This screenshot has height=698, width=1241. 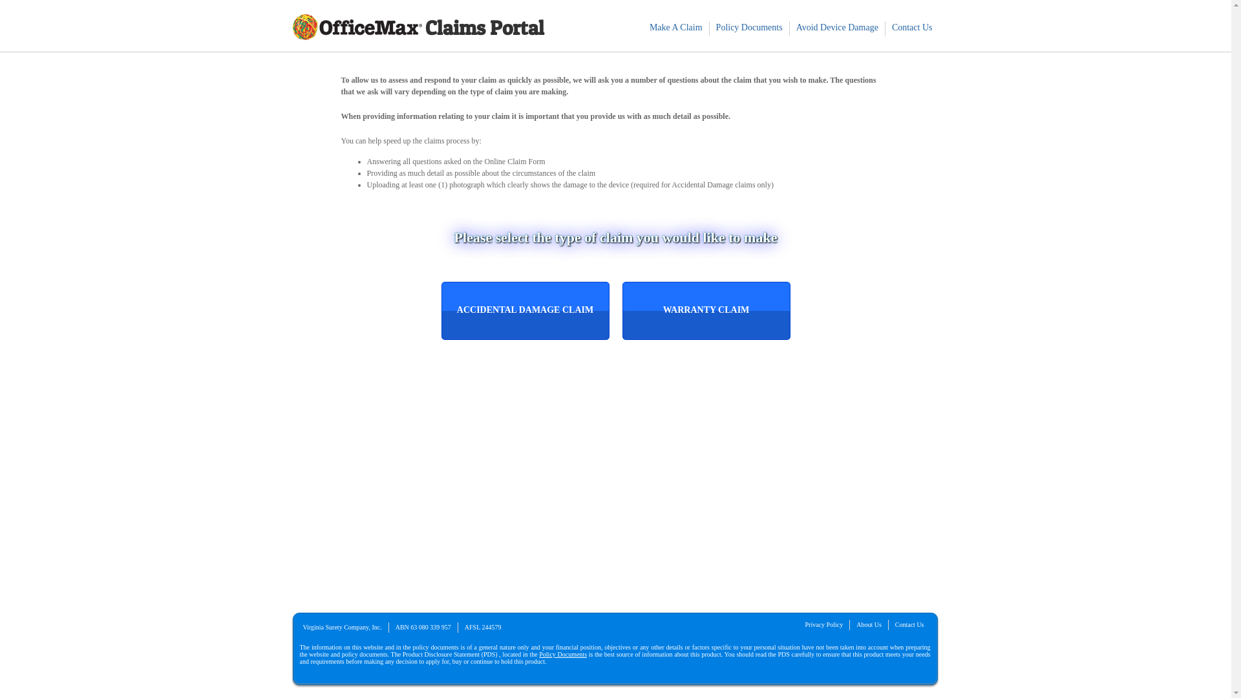 What do you see at coordinates (705, 311) in the screenshot?
I see `'Warranty Claim'` at bounding box center [705, 311].